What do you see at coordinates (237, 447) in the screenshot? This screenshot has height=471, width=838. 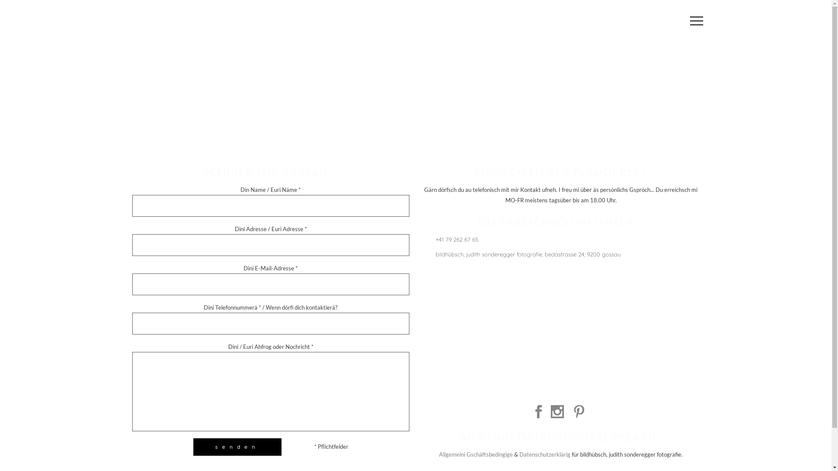 I see `'senden'` at bounding box center [237, 447].